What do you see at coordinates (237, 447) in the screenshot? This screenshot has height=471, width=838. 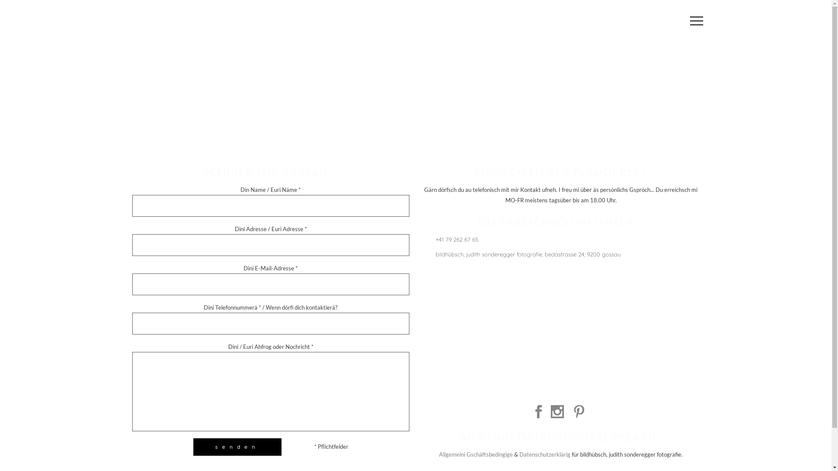 I see `'senden'` at bounding box center [237, 447].